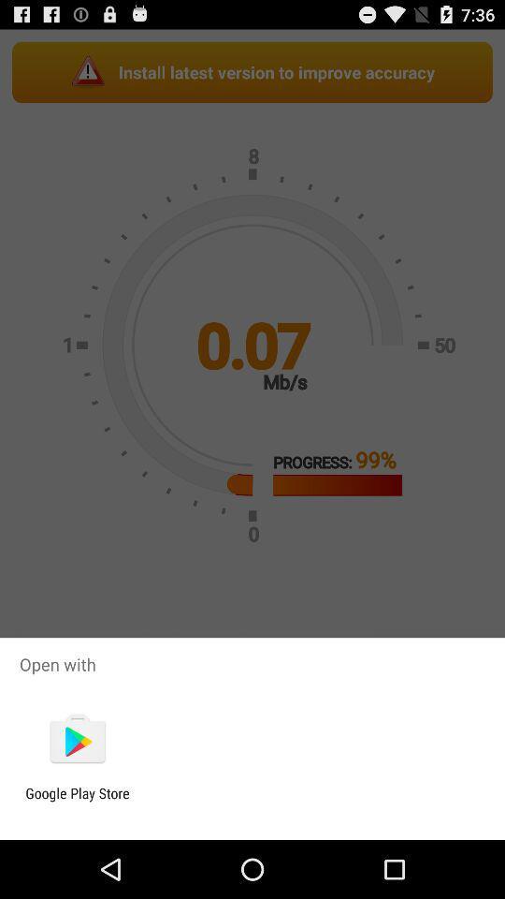 This screenshot has width=505, height=899. I want to click on the item below open with app, so click(77, 740).